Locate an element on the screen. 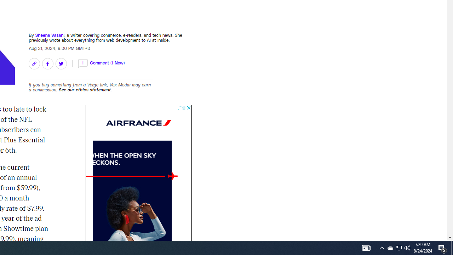 Image resolution: width=453 pixels, height=255 pixels. 'Sheena Vasani' is located at coordinates (49, 35).